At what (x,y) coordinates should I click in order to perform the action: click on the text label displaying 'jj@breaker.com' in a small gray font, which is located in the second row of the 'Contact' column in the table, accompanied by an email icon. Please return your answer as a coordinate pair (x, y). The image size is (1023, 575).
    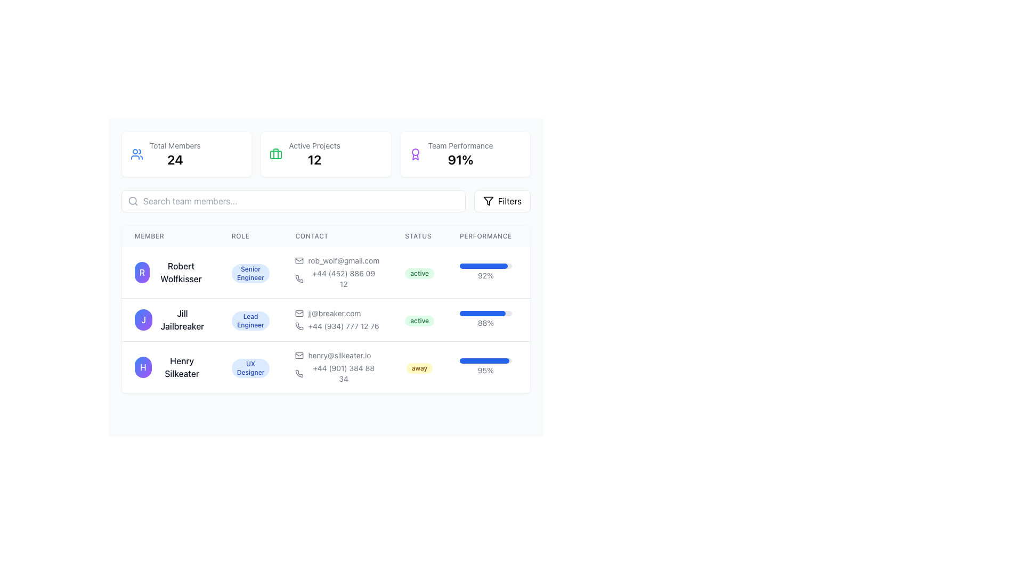
    Looking at the image, I should click on (337, 313).